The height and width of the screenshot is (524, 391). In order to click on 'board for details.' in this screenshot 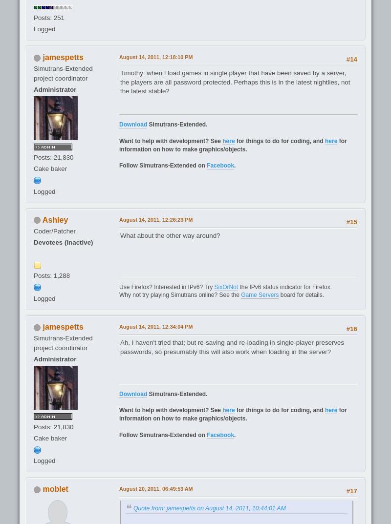, I will do `click(301, 294)`.